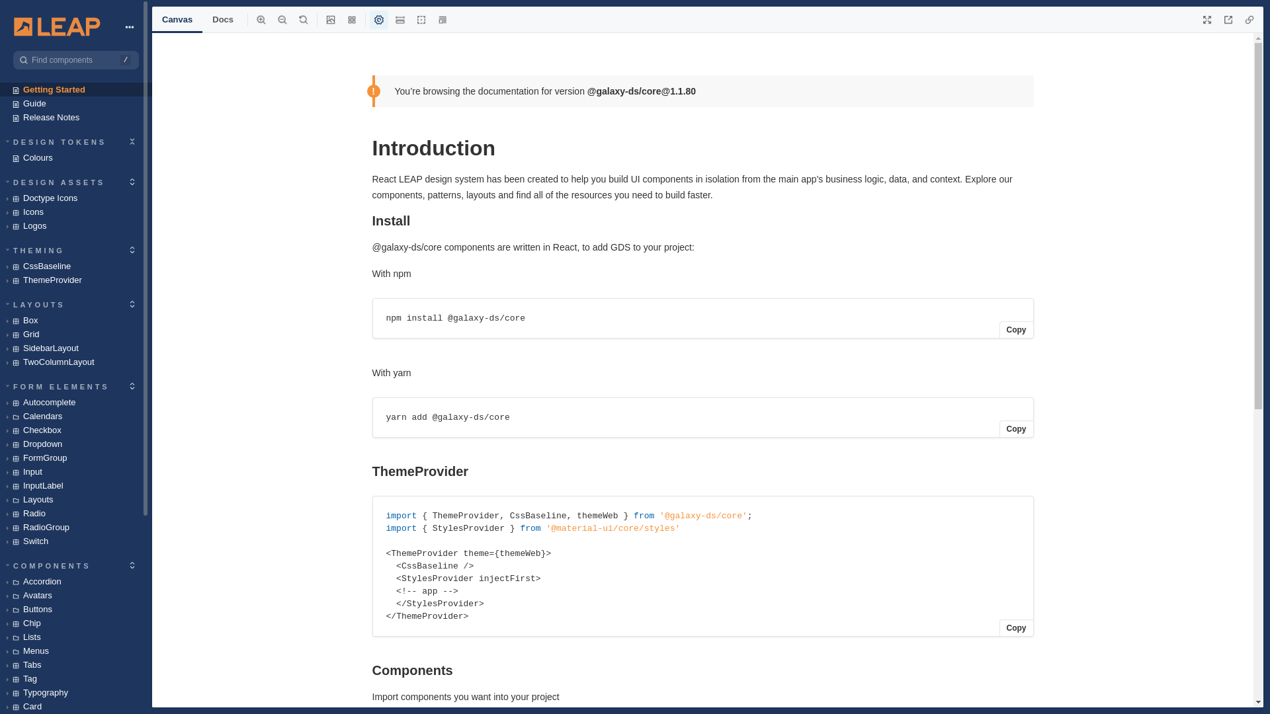 The height and width of the screenshot is (714, 1270). I want to click on 'Avatars', so click(75, 595).